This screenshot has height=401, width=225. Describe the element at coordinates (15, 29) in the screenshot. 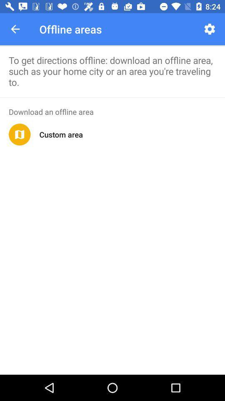

I see `the item at the top left corner` at that location.